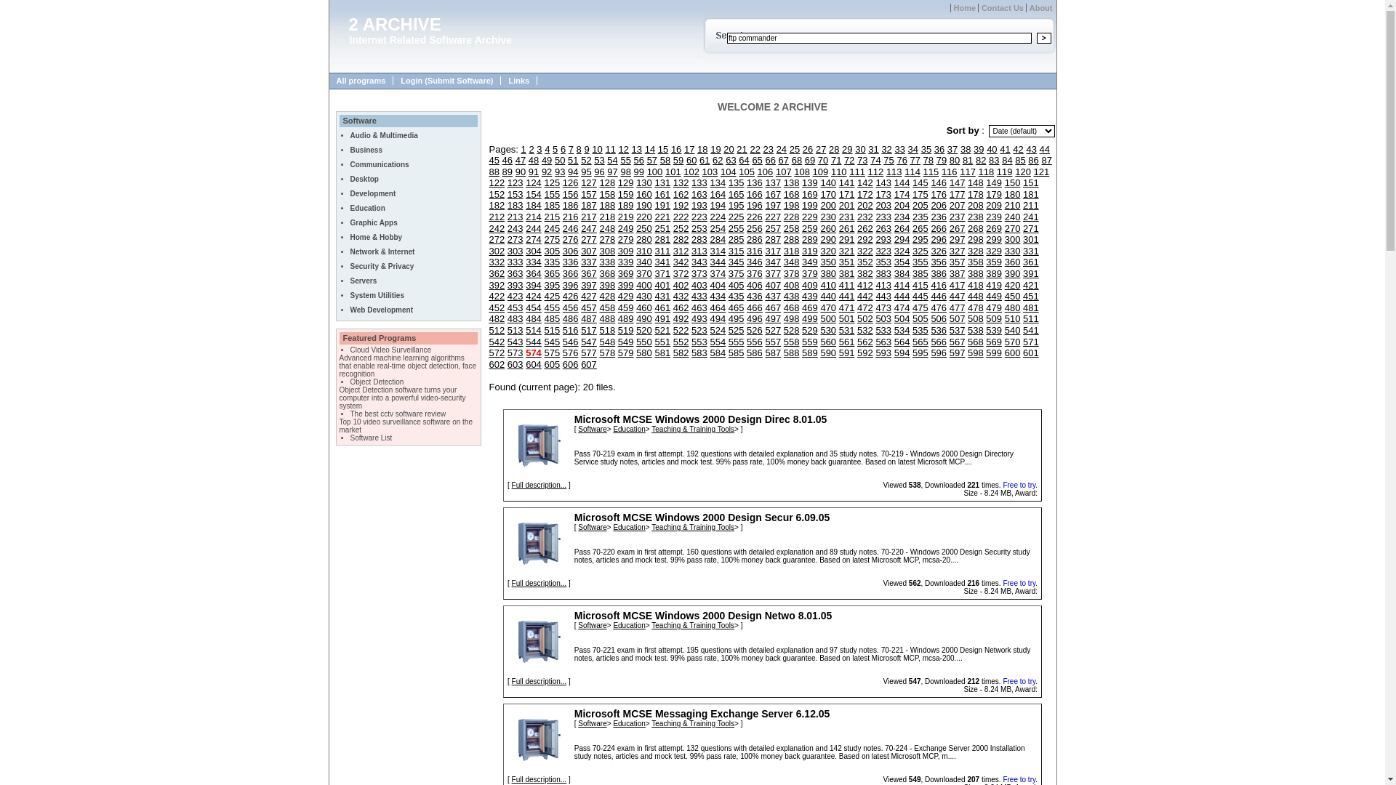  What do you see at coordinates (516, 238) in the screenshot?
I see `'273'` at bounding box center [516, 238].